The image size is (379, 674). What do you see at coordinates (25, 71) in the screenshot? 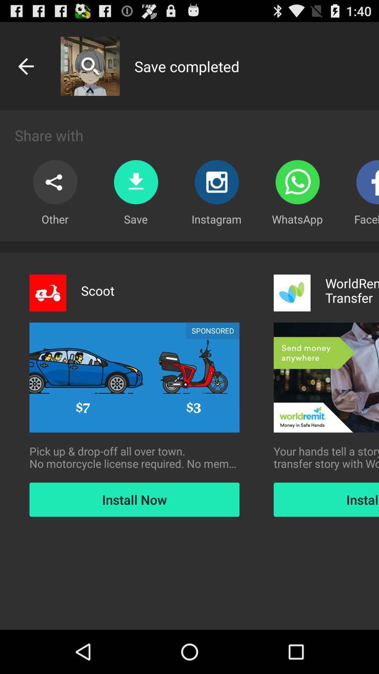
I see `the arrow_backward icon` at bounding box center [25, 71].